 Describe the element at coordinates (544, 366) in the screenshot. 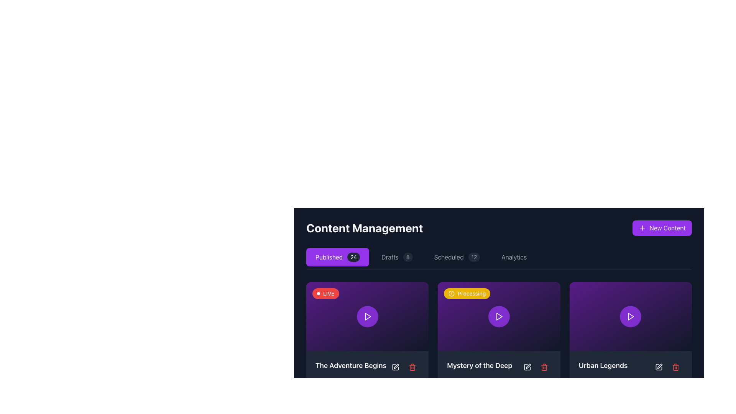

I see `the delete button located at the bottom-right corner of the 'Mystery of the Deep' card` at that location.